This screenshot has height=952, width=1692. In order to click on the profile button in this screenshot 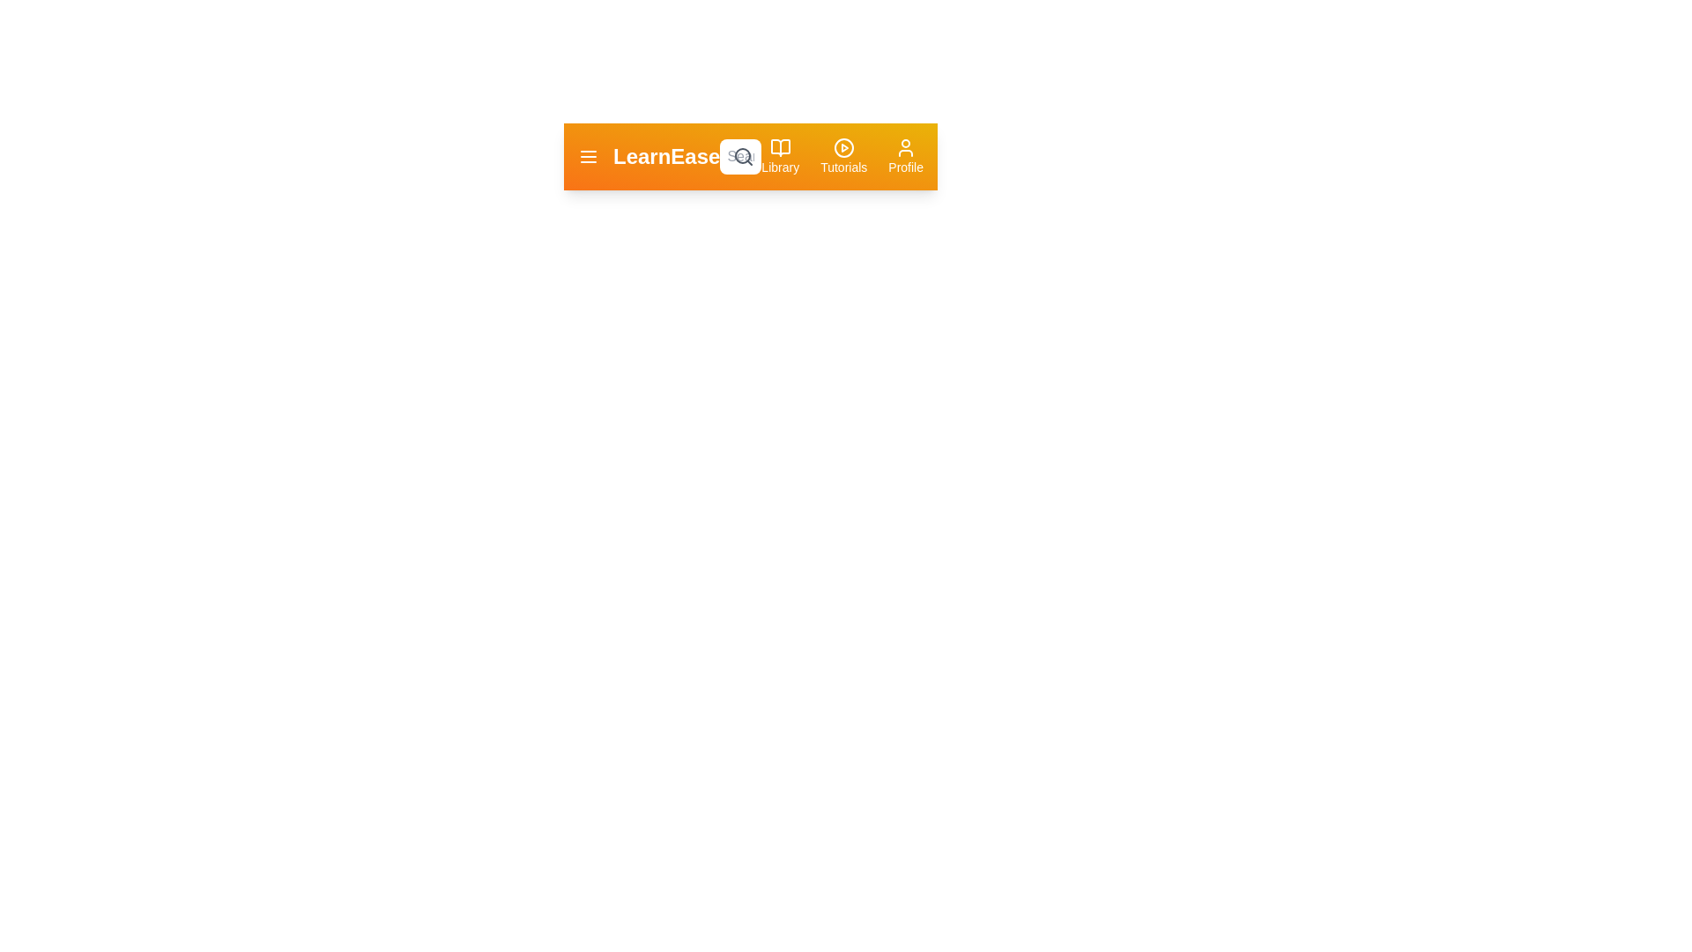, I will do `click(905, 155)`.